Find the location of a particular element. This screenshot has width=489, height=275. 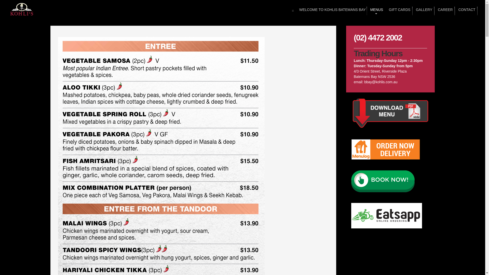

'bbay@kohlis.com.au' is located at coordinates (381, 81).